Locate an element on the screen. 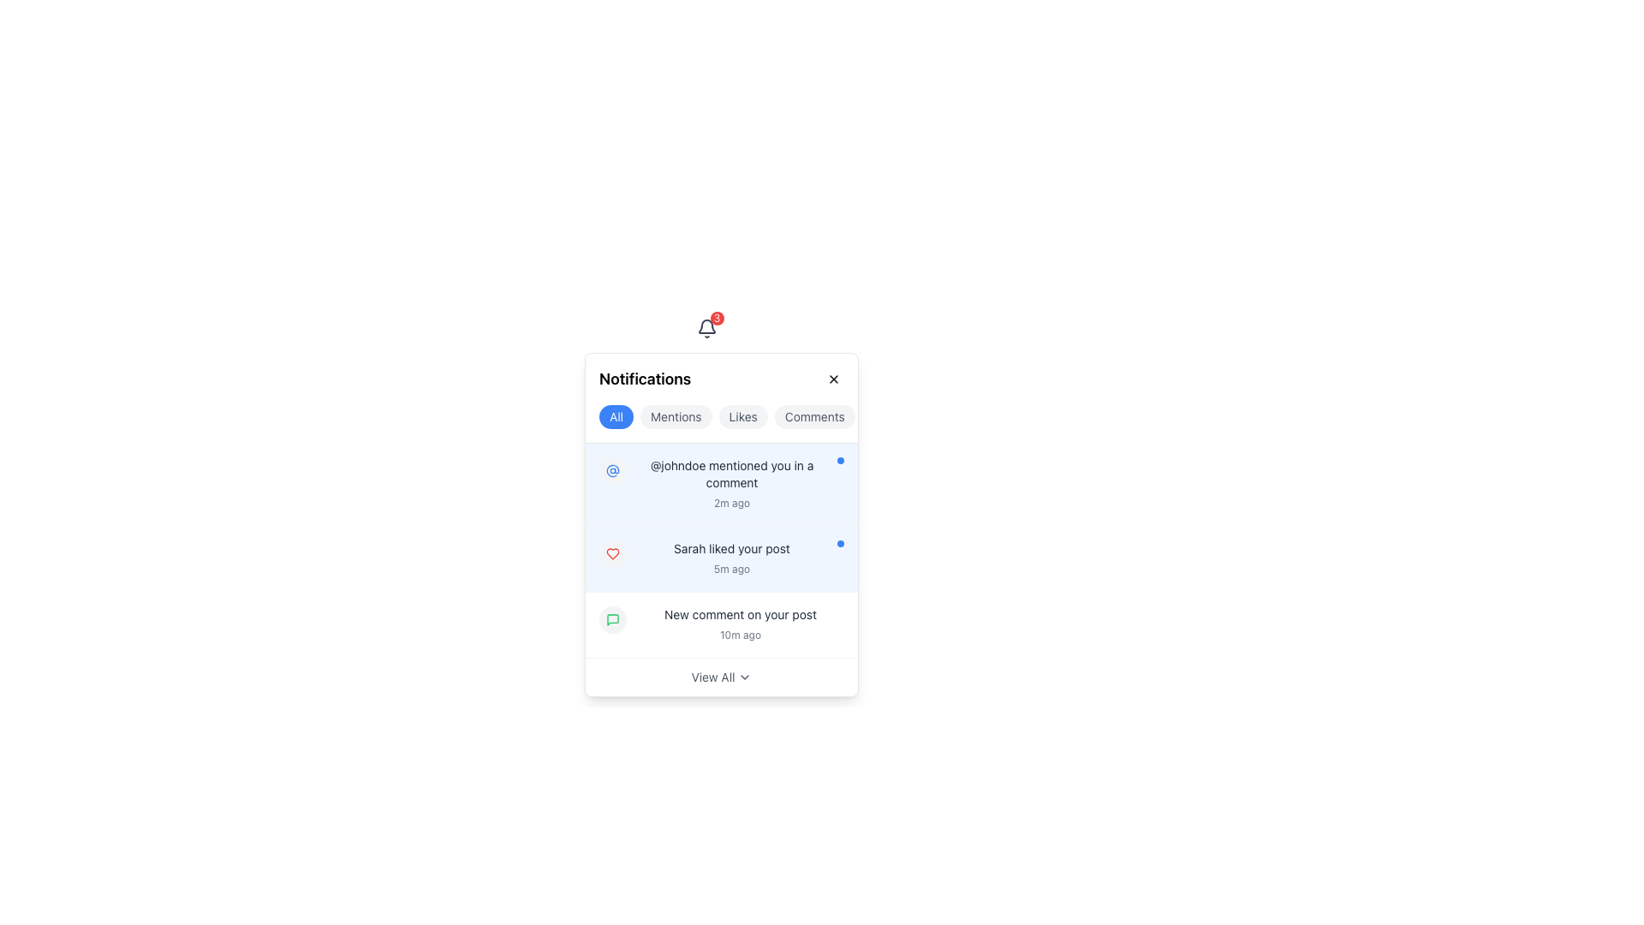 The image size is (1644, 925). the circular icon with a light gray background and a red heart symbol, located in the notification entry stating 'Sarah liked your post.' is located at coordinates (612, 554).